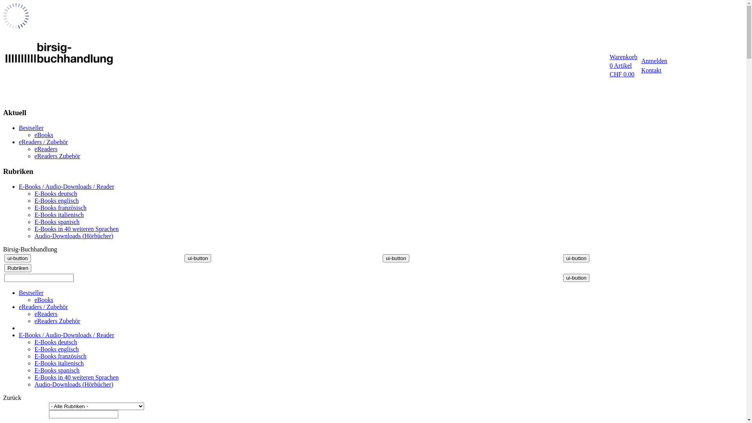  I want to click on 'E-Books in 40 weiteren Sprachen', so click(76, 229).